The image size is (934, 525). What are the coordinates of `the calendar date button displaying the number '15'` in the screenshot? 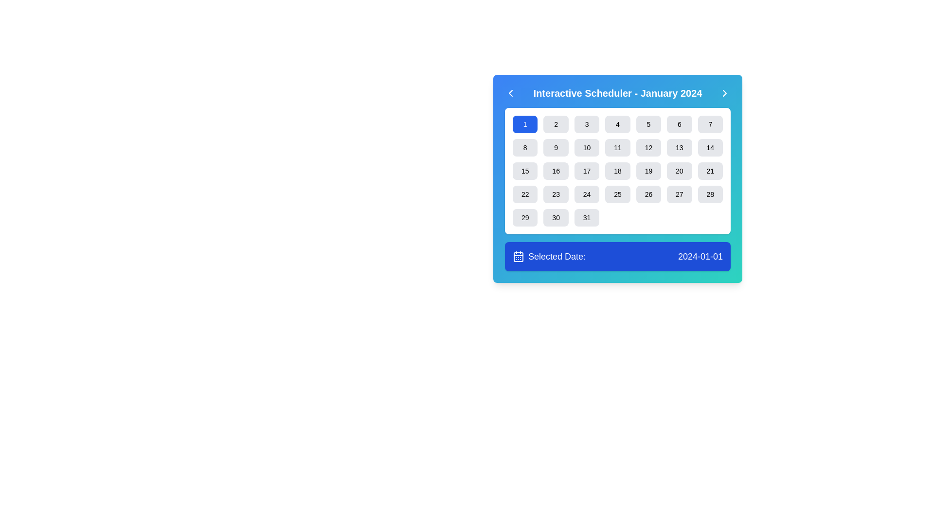 It's located at (524, 170).